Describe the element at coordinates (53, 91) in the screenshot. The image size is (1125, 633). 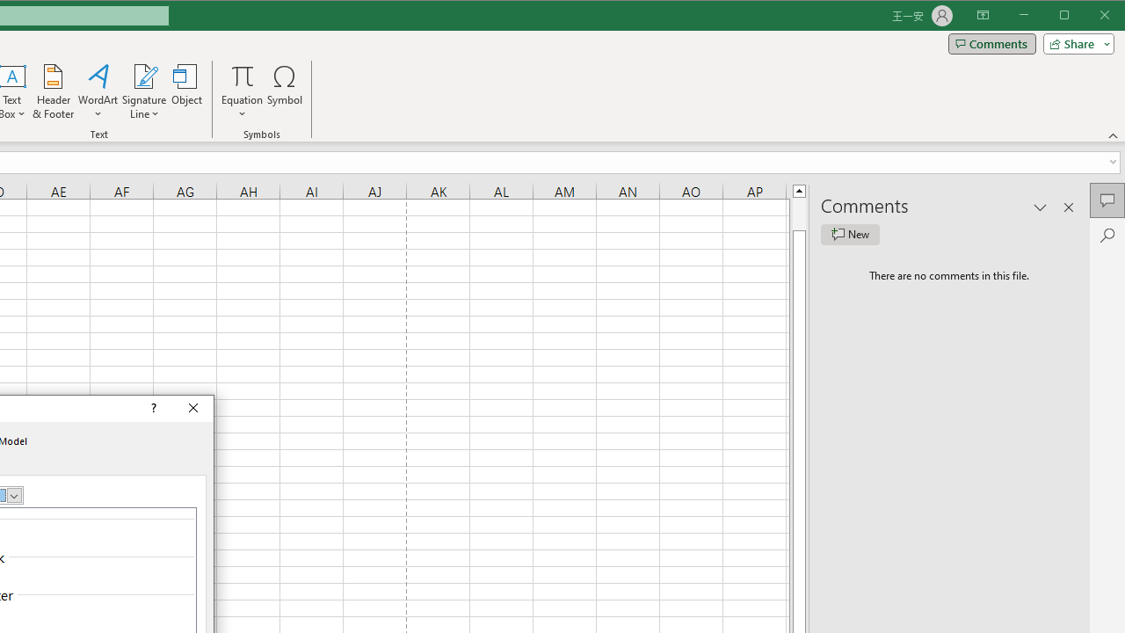
I see `'Header & Footer...'` at that location.